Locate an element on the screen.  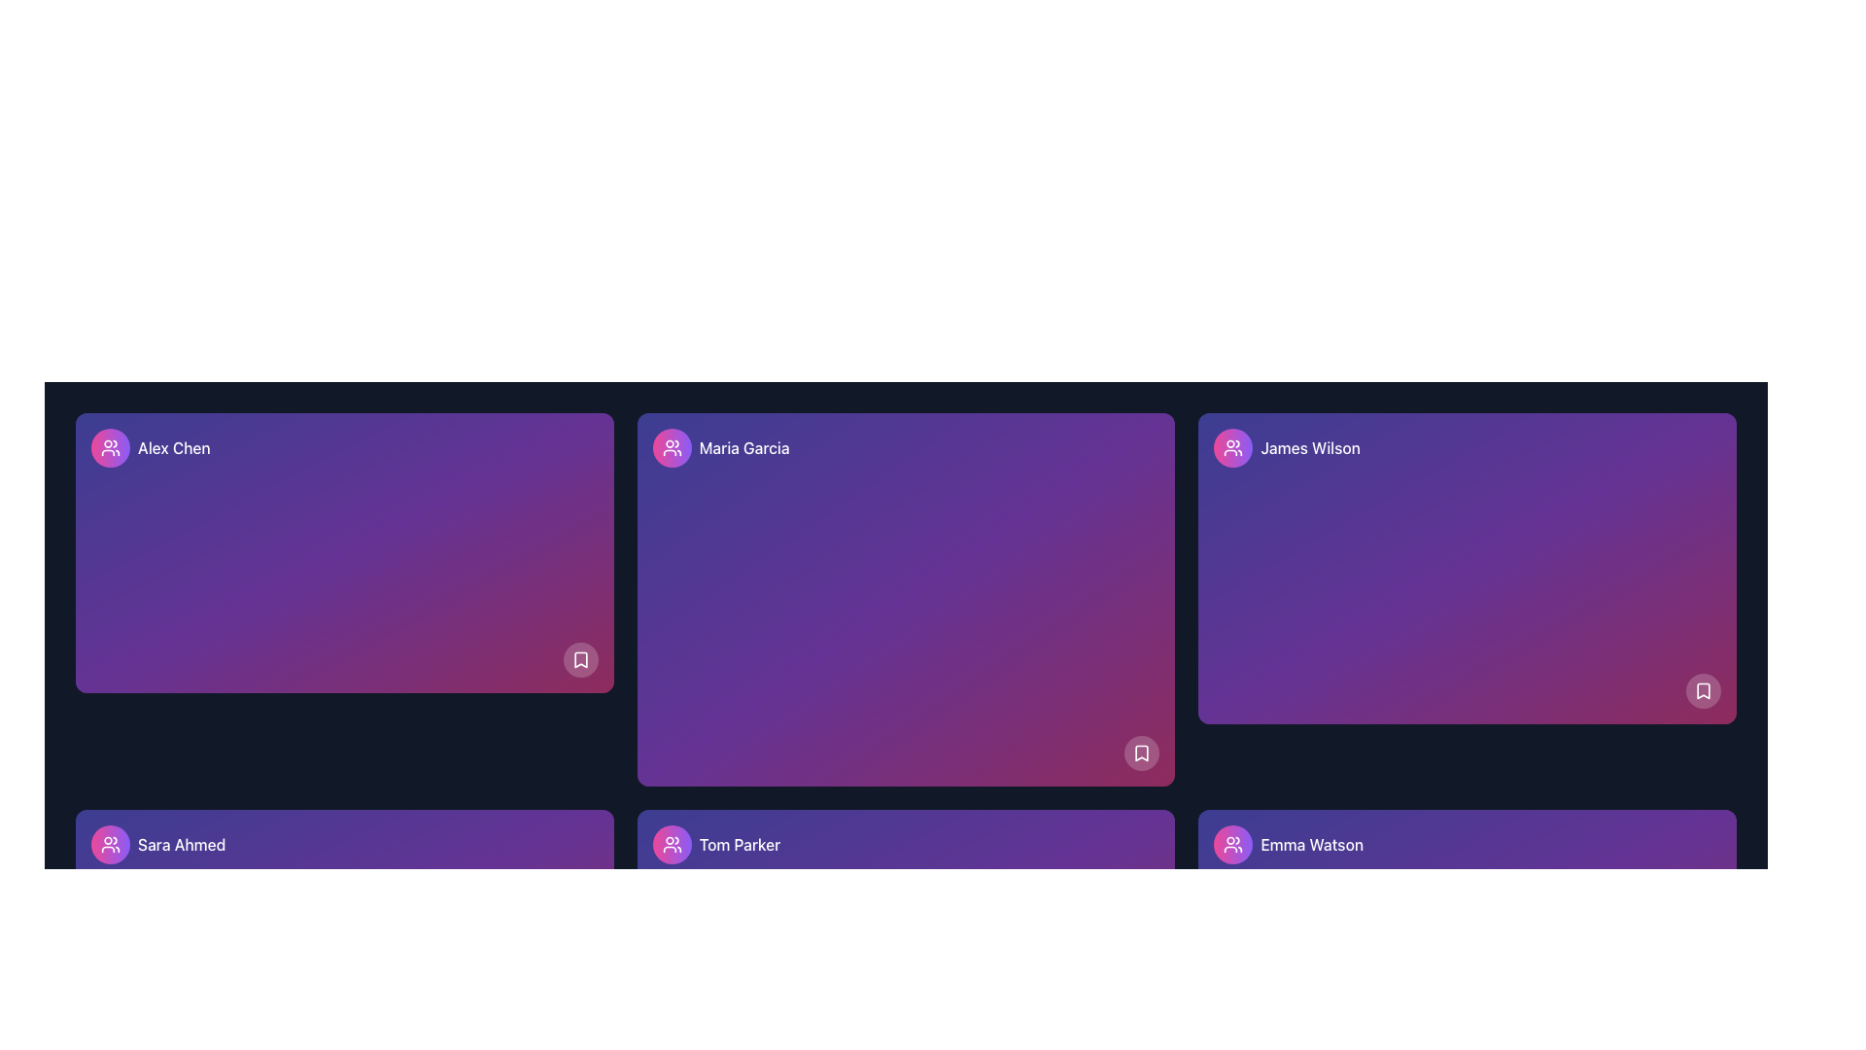
text label displaying the name 'Sara Ahmed' located in the bottom-left card of the multi-card grid layout on a dark interface is located at coordinates (182, 843).